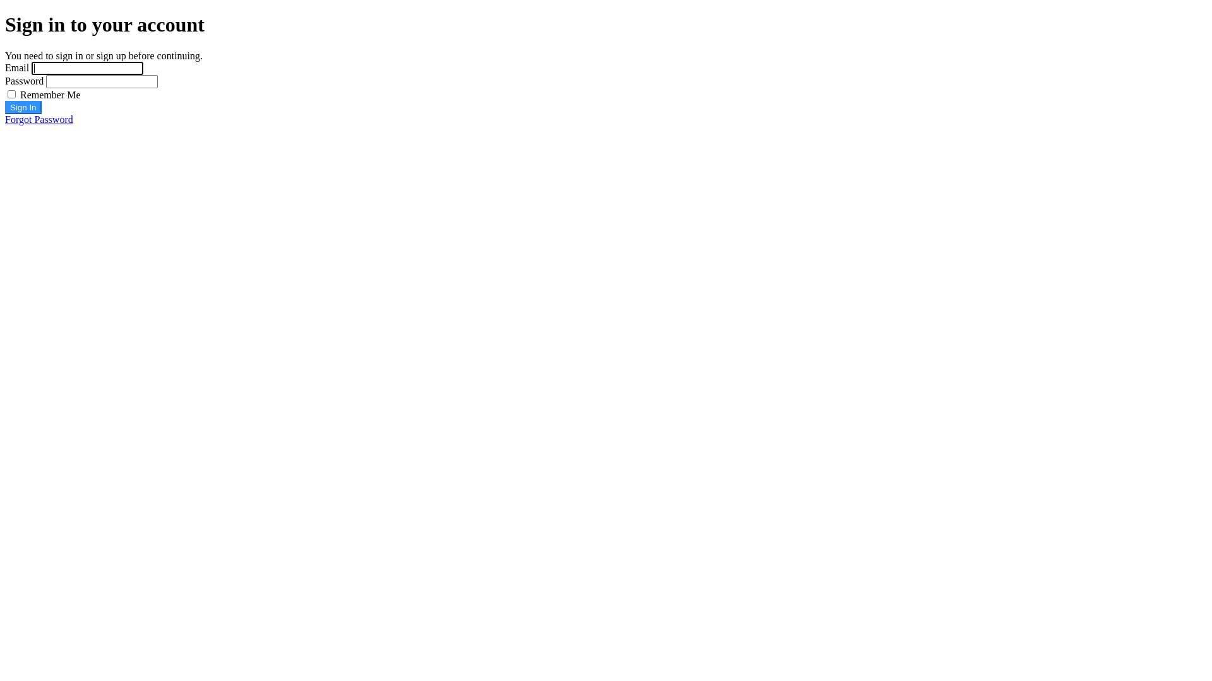 The width and height of the screenshot is (1212, 681). Describe the element at coordinates (39, 119) in the screenshot. I see `'Forgot Password'` at that location.